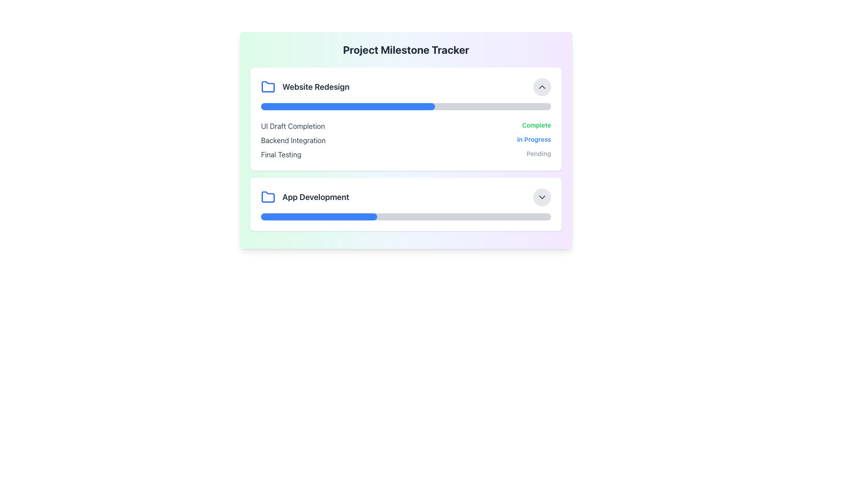 The height and width of the screenshot is (480, 854). I want to click on the upward arrow button in the top-right corner of the 'Website Redesign' project entry, so click(542, 87).